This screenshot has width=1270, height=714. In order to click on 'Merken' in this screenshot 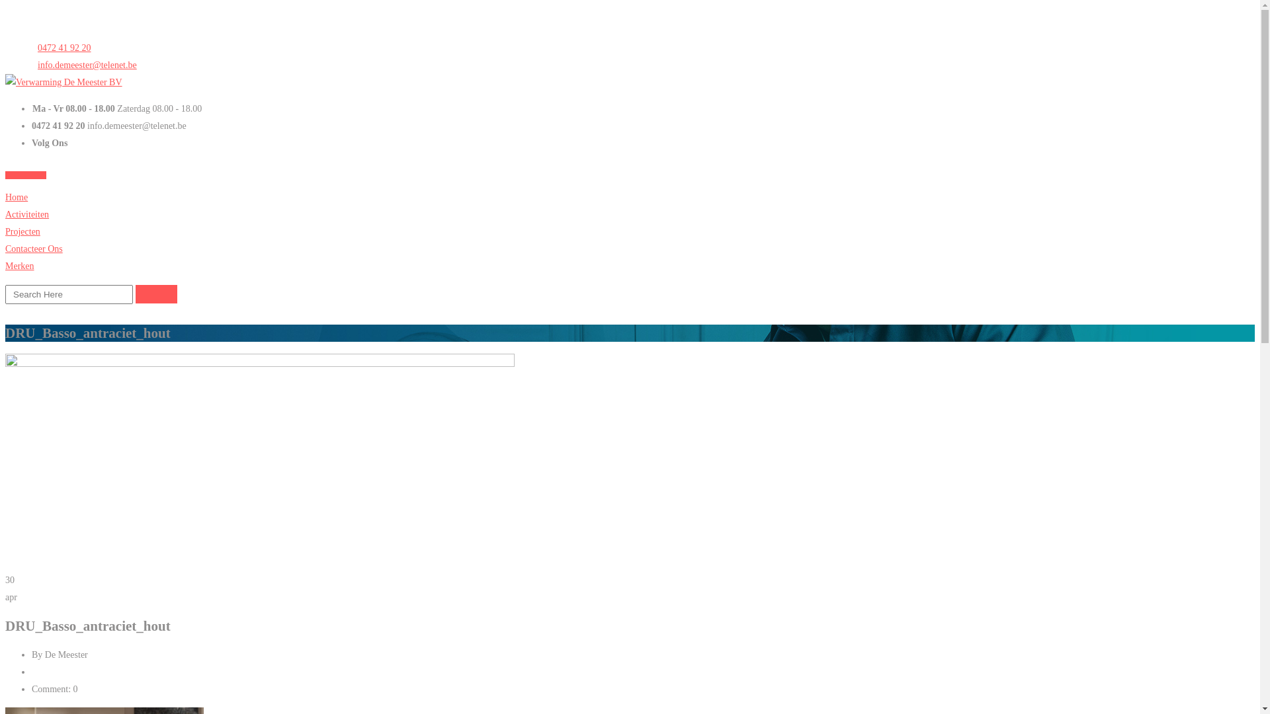, I will do `click(5, 266)`.